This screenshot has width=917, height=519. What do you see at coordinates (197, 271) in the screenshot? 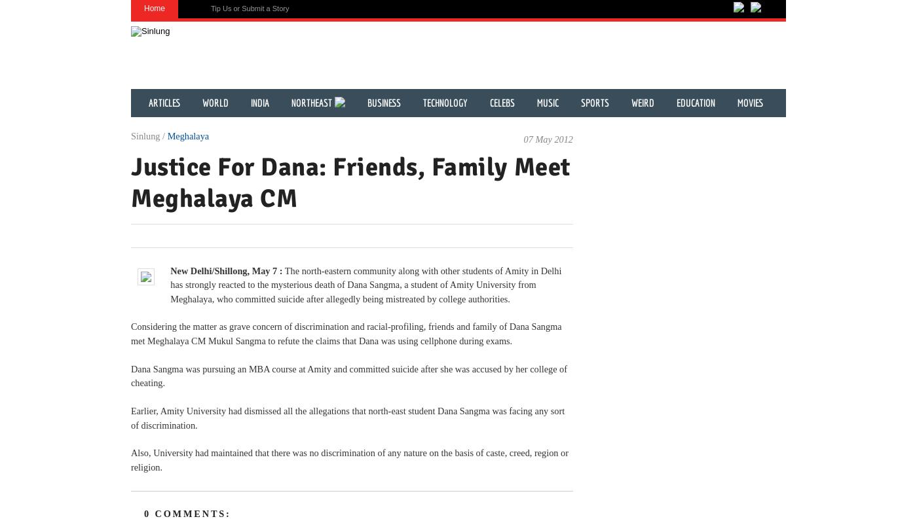
I see `'Sikkim'` at bounding box center [197, 271].